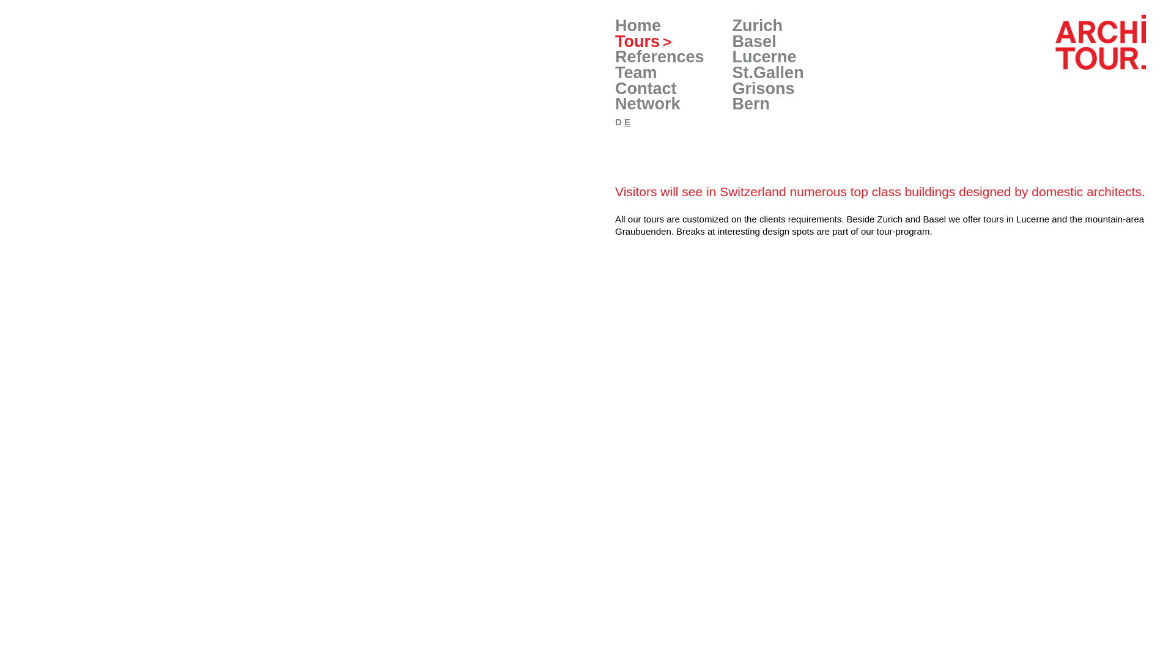 The height and width of the screenshot is (660, 1174). Describe the element at coordinates (642, 41) in the screenshot. I see `'Tours'` at that location.